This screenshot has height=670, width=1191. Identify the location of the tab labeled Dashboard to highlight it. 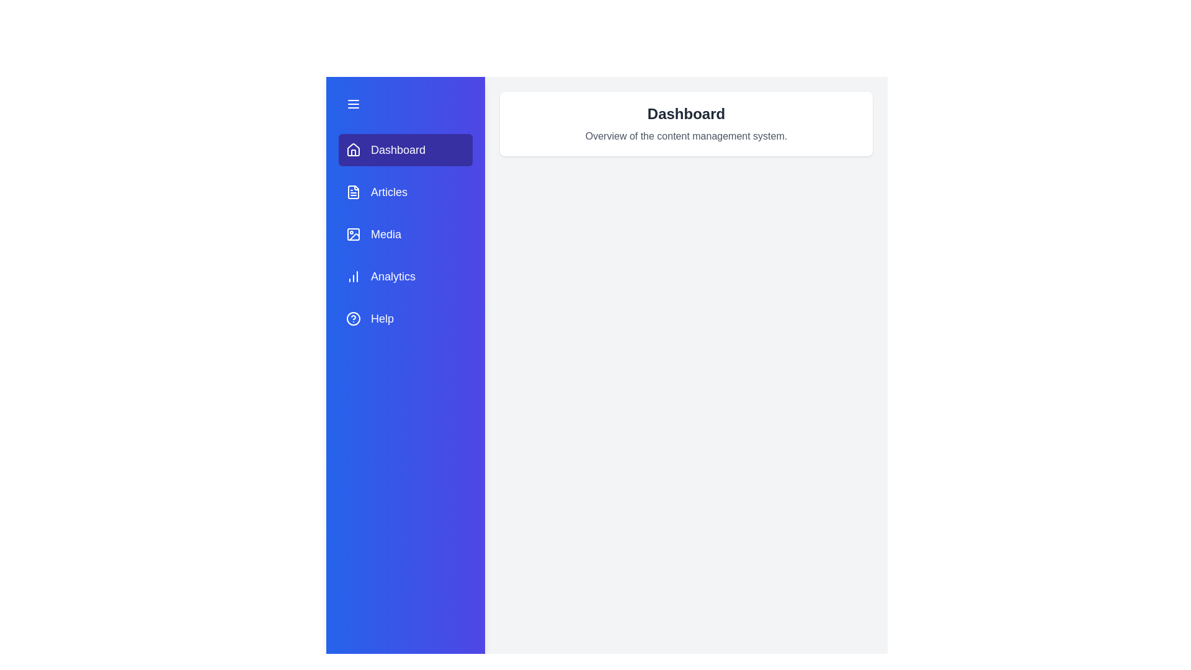
(405, 150).